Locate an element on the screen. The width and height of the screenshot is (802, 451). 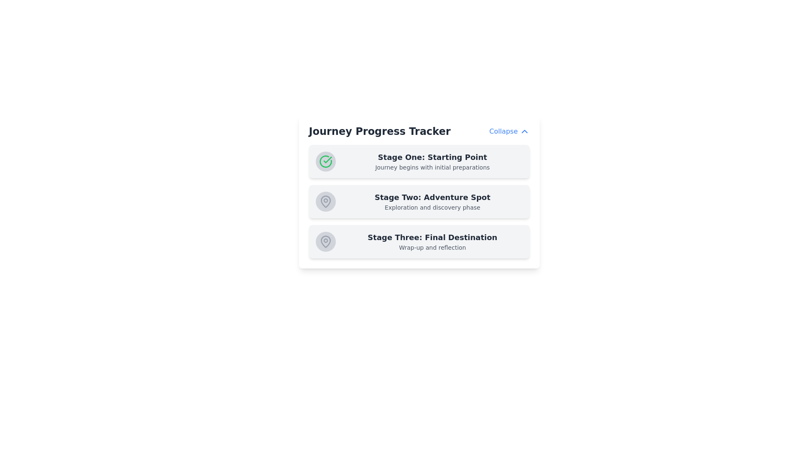
the text label displaying 'Stage Three: Final Destination' in the Journey Progress Tracker, which is styled with a large, bold, dark gray font and located in the third row of progress stages is located at coordinates (432, 238).